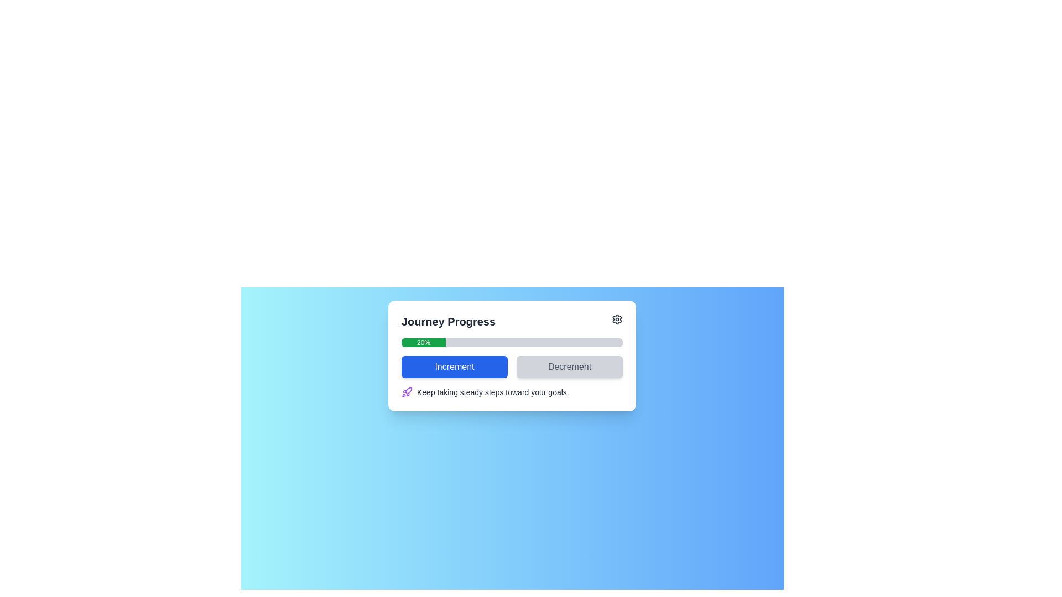  I want to click on the progress bar that displays current progress with a green background and shows '20%' text, located below the 'Journey Progress' header, so click(512, 342).